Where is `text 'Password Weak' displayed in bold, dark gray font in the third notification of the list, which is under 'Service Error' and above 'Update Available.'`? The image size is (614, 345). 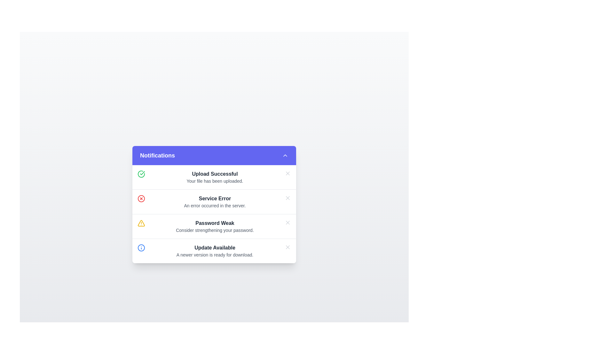
text 'Password Weak' displayed in bold, dark gray font in the third notification of the list, which is under 'Service Error' and above 'Update Available.' is located at coordinates (215, 223).